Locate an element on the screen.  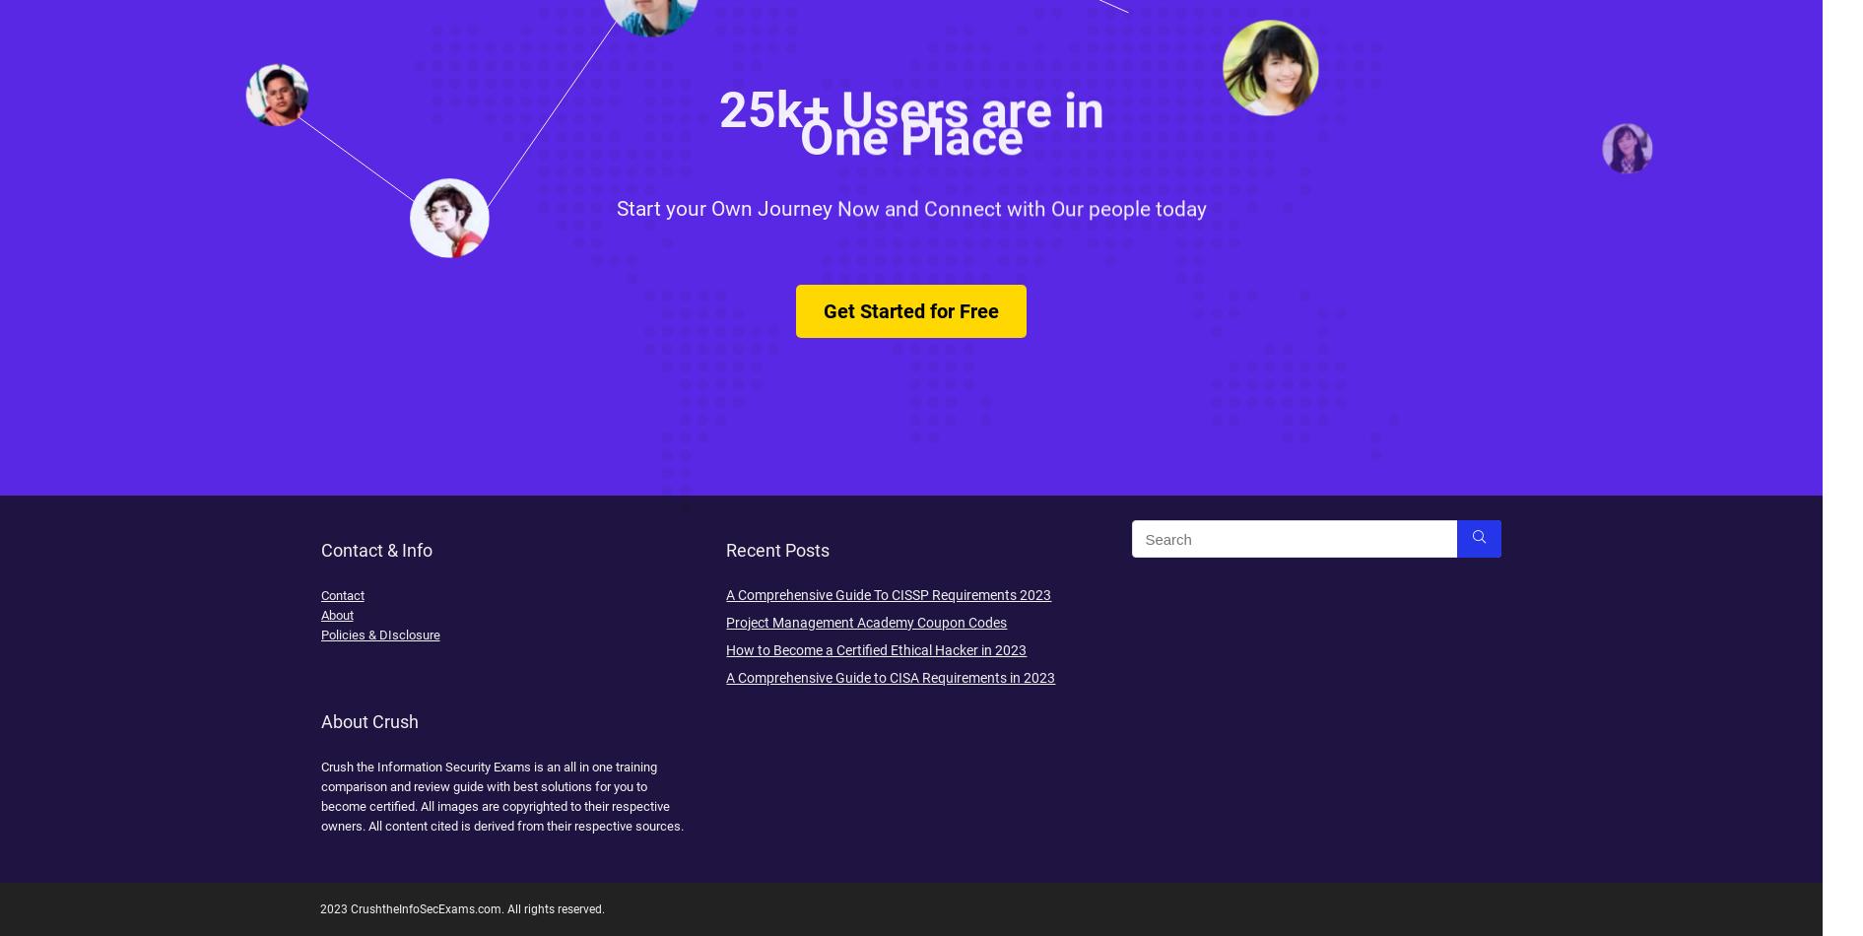
'Start your Own Journey Now and Connect with  Our people today' is located at coordinates (910, 234).